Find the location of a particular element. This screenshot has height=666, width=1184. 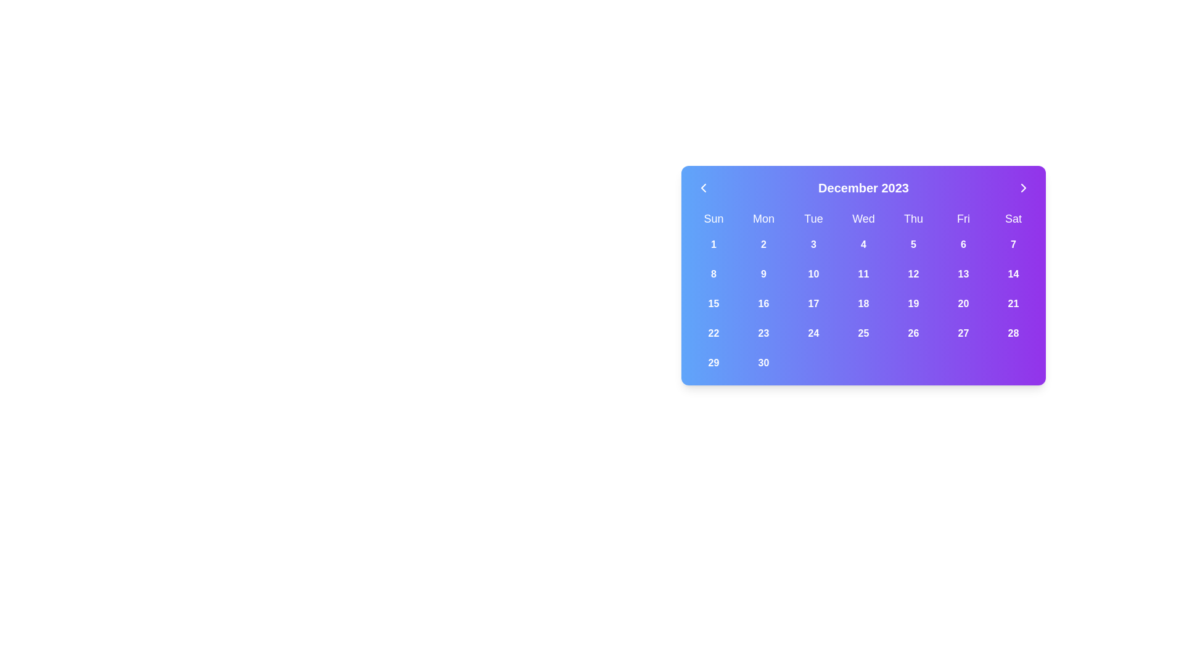

the selectable day button representing the 14th day in the calendar interface is located at coordinates (1013, 273).